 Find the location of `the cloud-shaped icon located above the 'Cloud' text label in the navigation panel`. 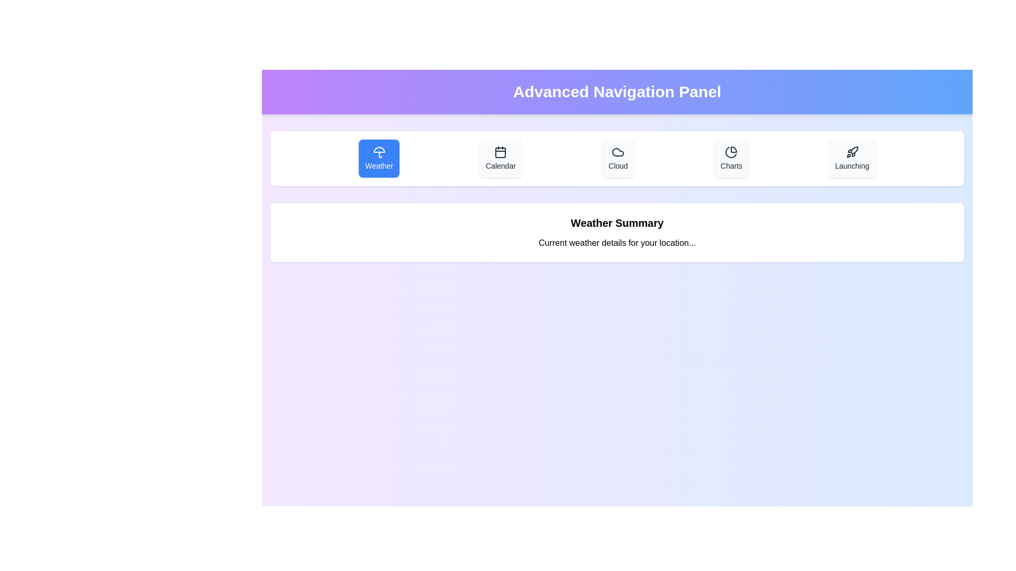

the cloud-shaped icon located above the 'Cloud' text label in the navigation panel is located at coordinates (618, 152).